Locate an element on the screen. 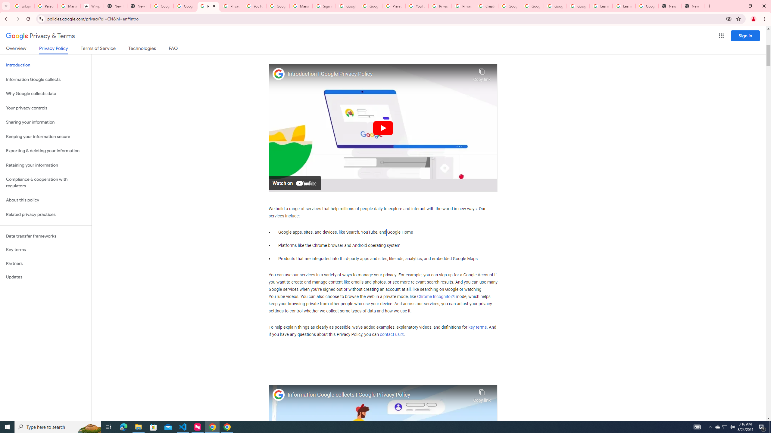 The height and width of the screenshot is (433, 771). 'Google Account' is located at coordinates (647, 6).